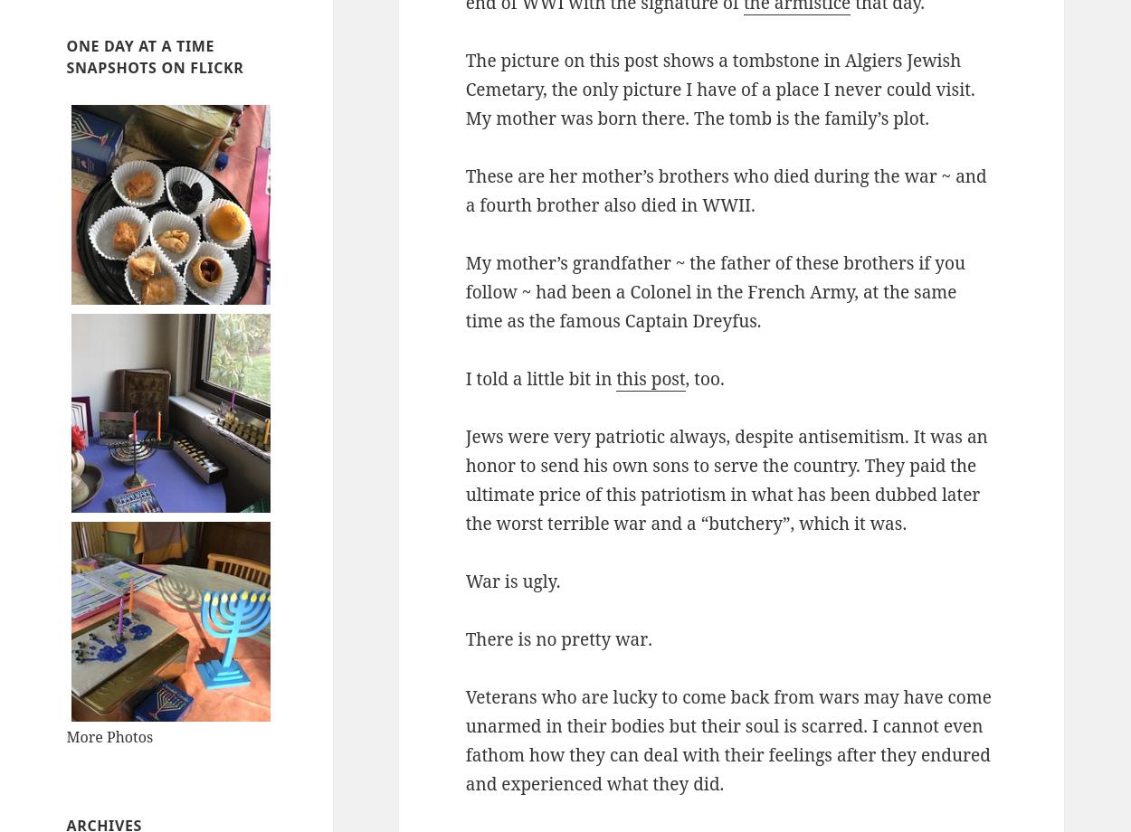  I want to click on 'Jews were very patriotic always, despite antisemitism. It was an honor to send his own sons to serve the country. They paid the ultimate price of this patriotism in what has been dubbed later the worst terrible war and a “butchery”, which it was.', so click(465, 479).